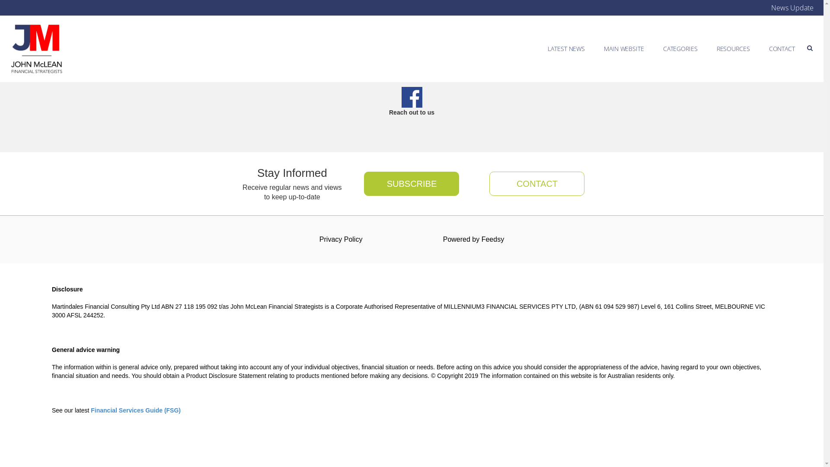 Image resolution: width=830 pixels, height=467 pixels. I want to click on 'John McLean Financial Strategists', so click(36, 48).